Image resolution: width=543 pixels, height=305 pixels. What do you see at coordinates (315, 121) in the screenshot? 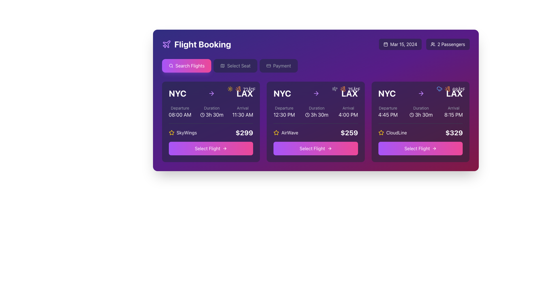
I see `the informational flight option card that provides details about the flight including route, timing, airline, and cost, located in the Flight Booking section as the second card in a row of three` at bounding box center [315, 121].